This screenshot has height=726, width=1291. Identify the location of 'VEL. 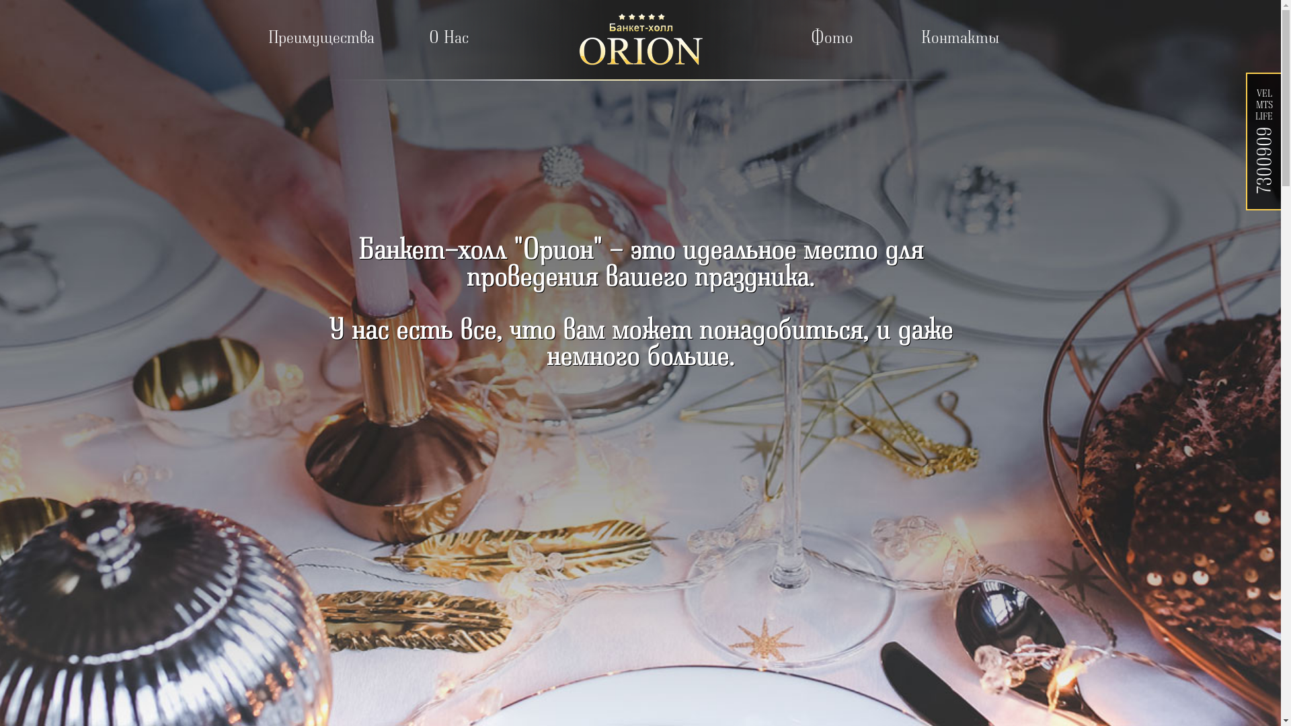
(1263, 138).